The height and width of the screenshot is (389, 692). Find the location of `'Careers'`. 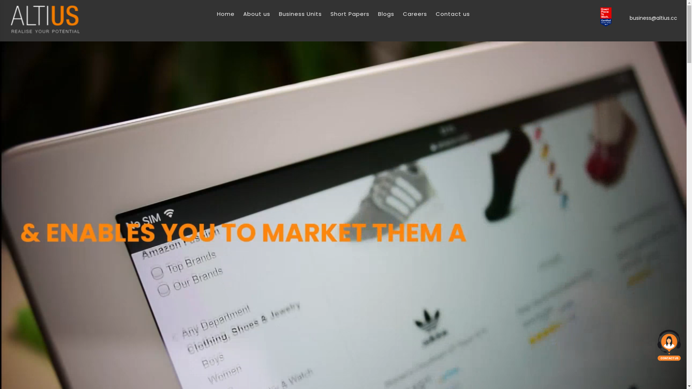

'Careers' is located at coordinates (415, 14).